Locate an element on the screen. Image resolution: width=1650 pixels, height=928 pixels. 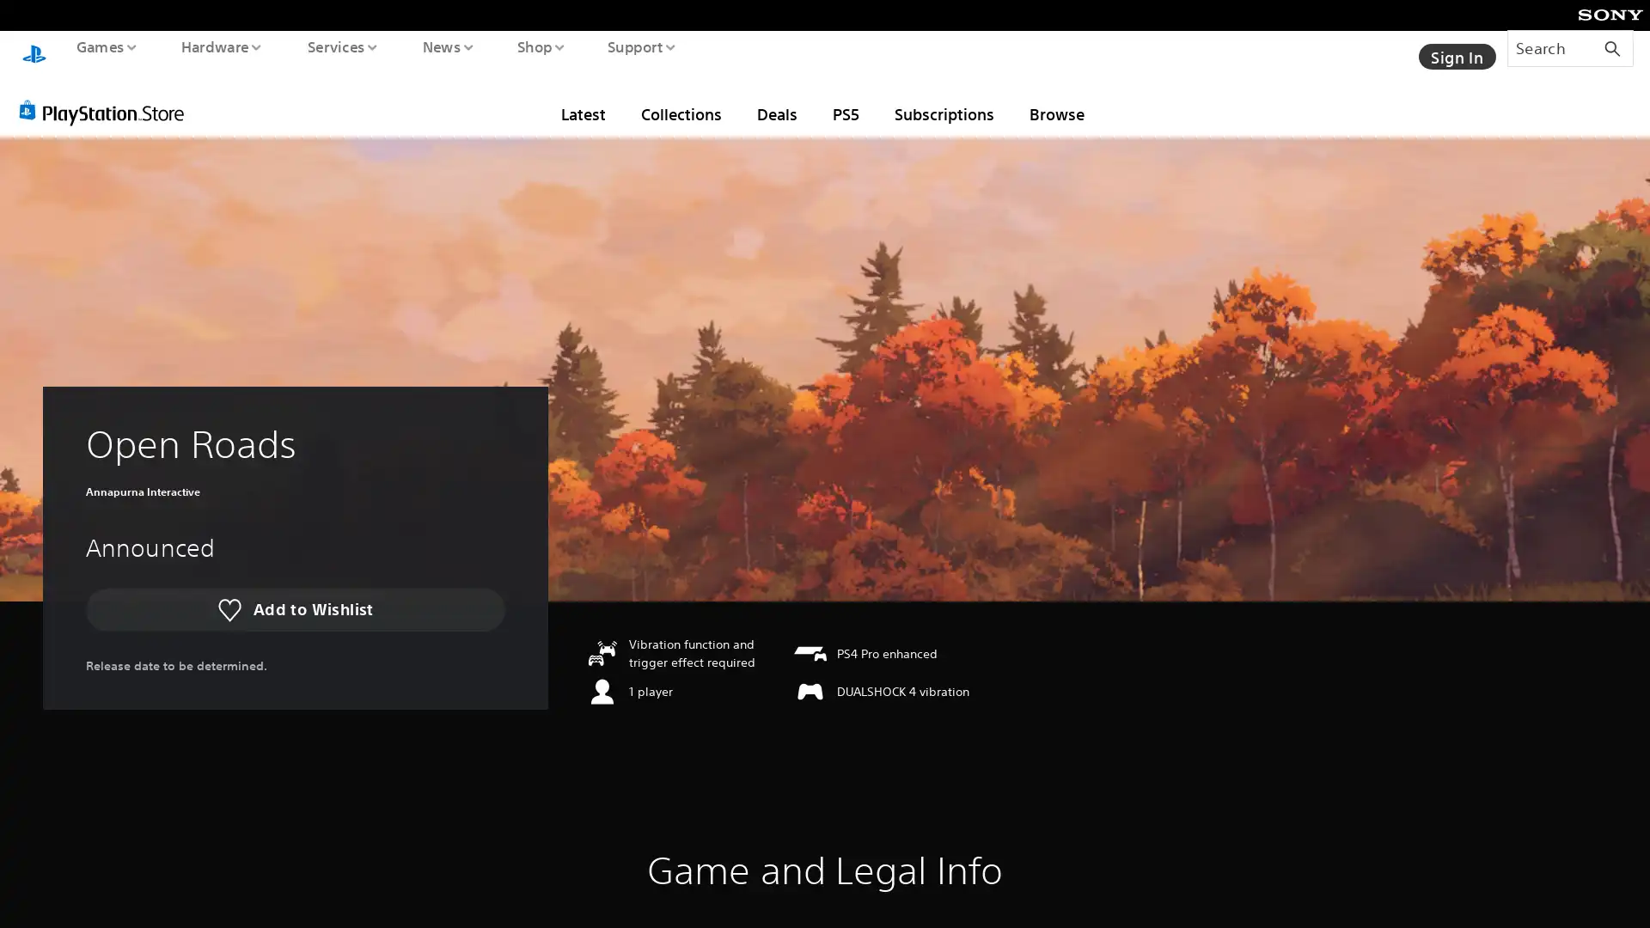
Sign In is located at coordinates (1455, 47).